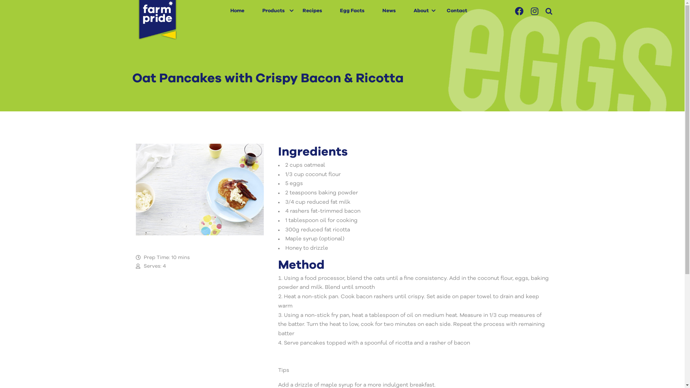 The width and height of the screenshot is (690, 388). I want to click on 'Recipes', so click(312, 11).